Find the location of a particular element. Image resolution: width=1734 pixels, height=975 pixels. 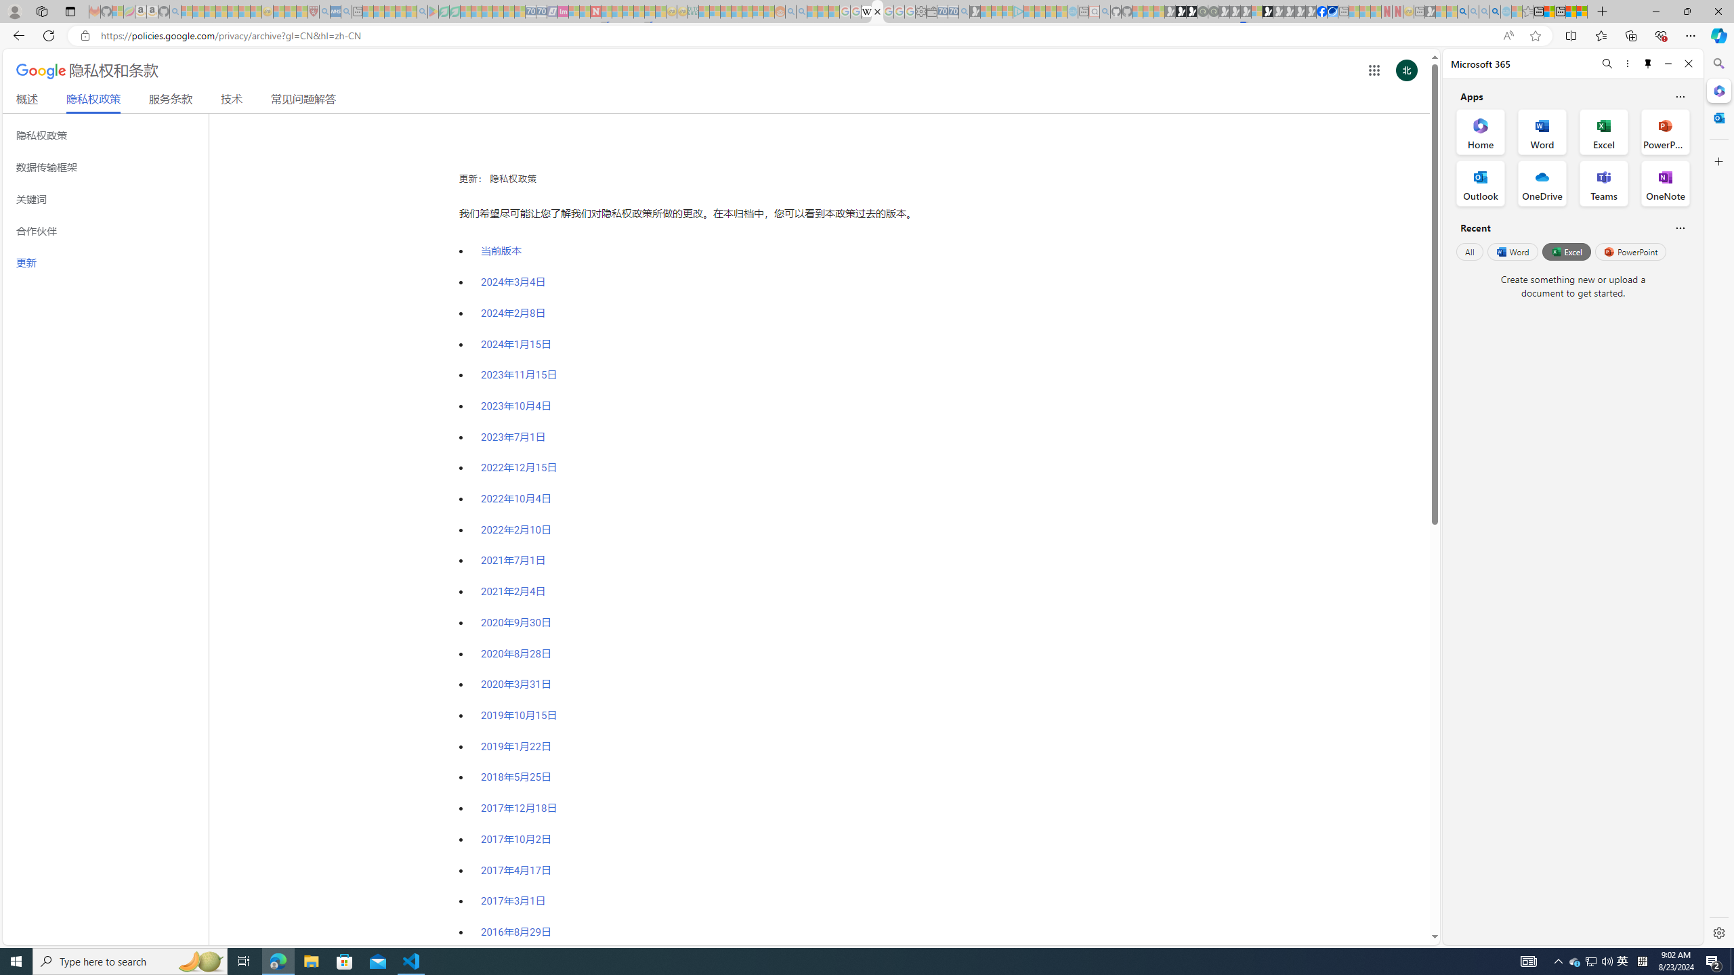

'Kinda Frugal - MSN - Sleeping' is located at coordinates (748, 11).